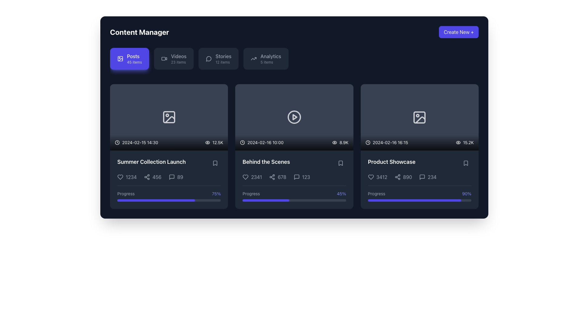  I want to click on the 'Like' icon located to the left of the numerical indication '2341' in the 'Behind the Scenes' section, so click(246, 177).